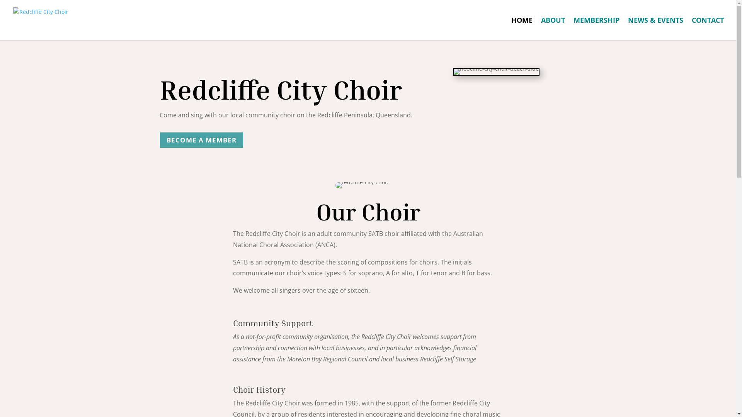 This screenshot has width=742, height=417. Describe the element at coordinates (692, 28) in the screenshot. I see `'CONTACT'` at that location.